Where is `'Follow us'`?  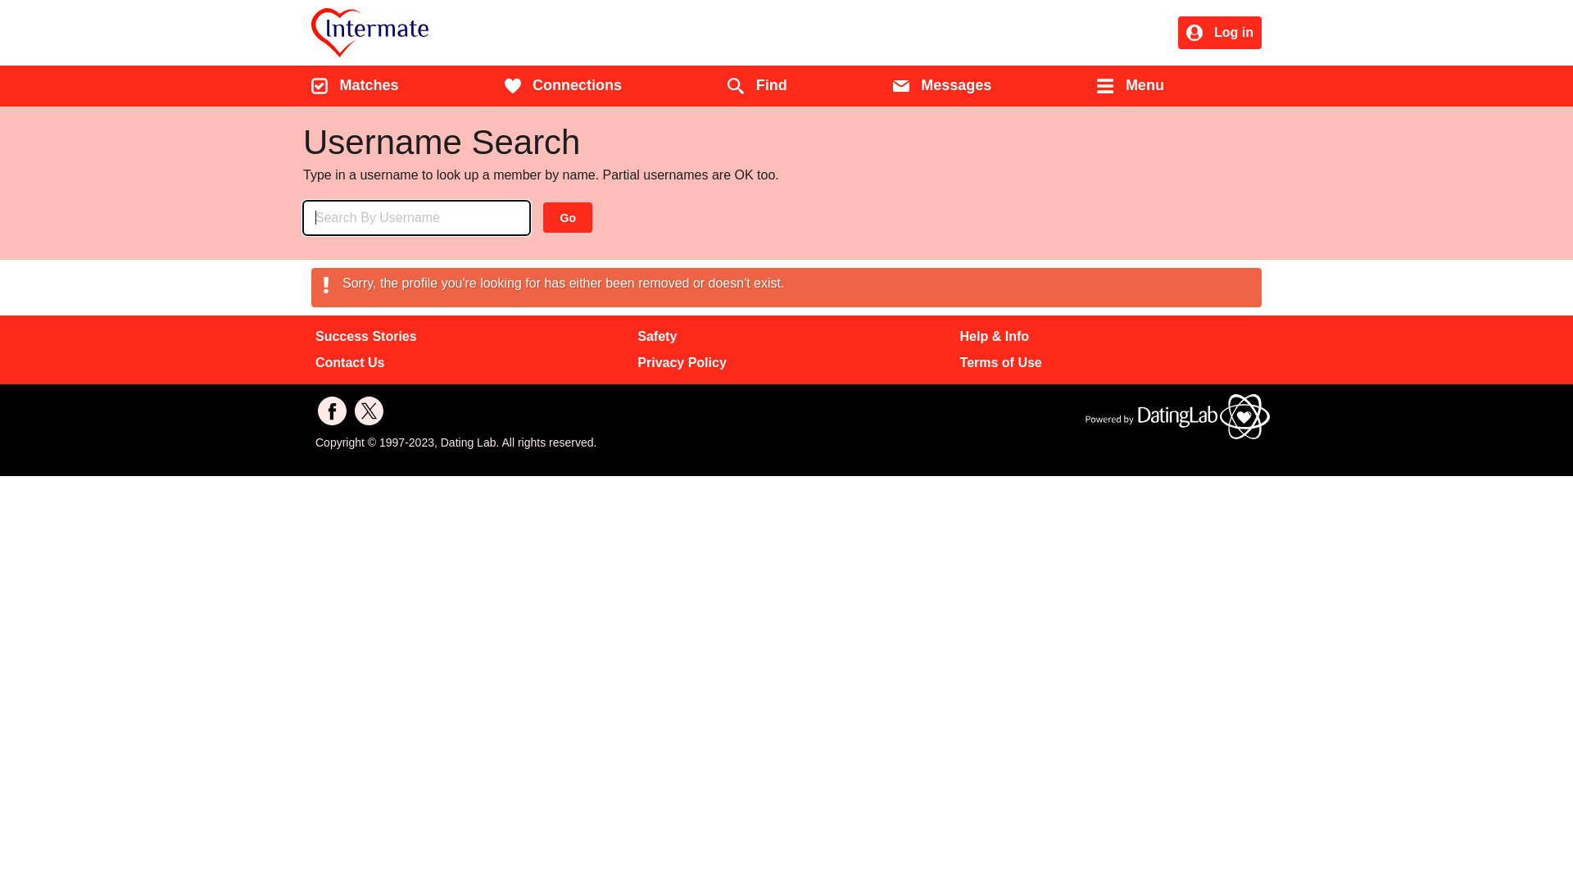
'Follow us' is located at coordinates (368, 410).